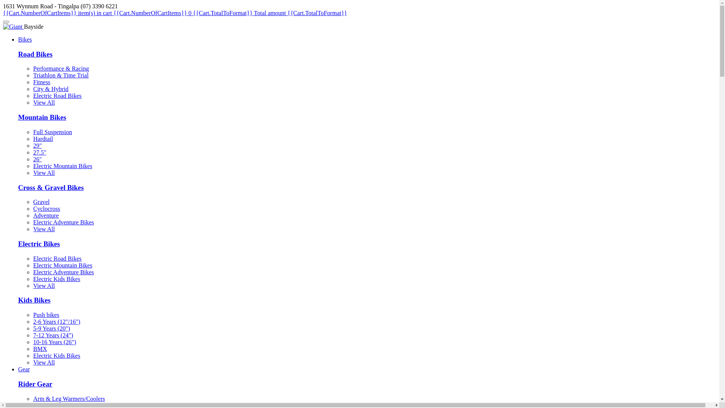 Image resolution: width=725 pixels, height=408 pixels. I want to click on 'Road Bikes', so click(35, 54).